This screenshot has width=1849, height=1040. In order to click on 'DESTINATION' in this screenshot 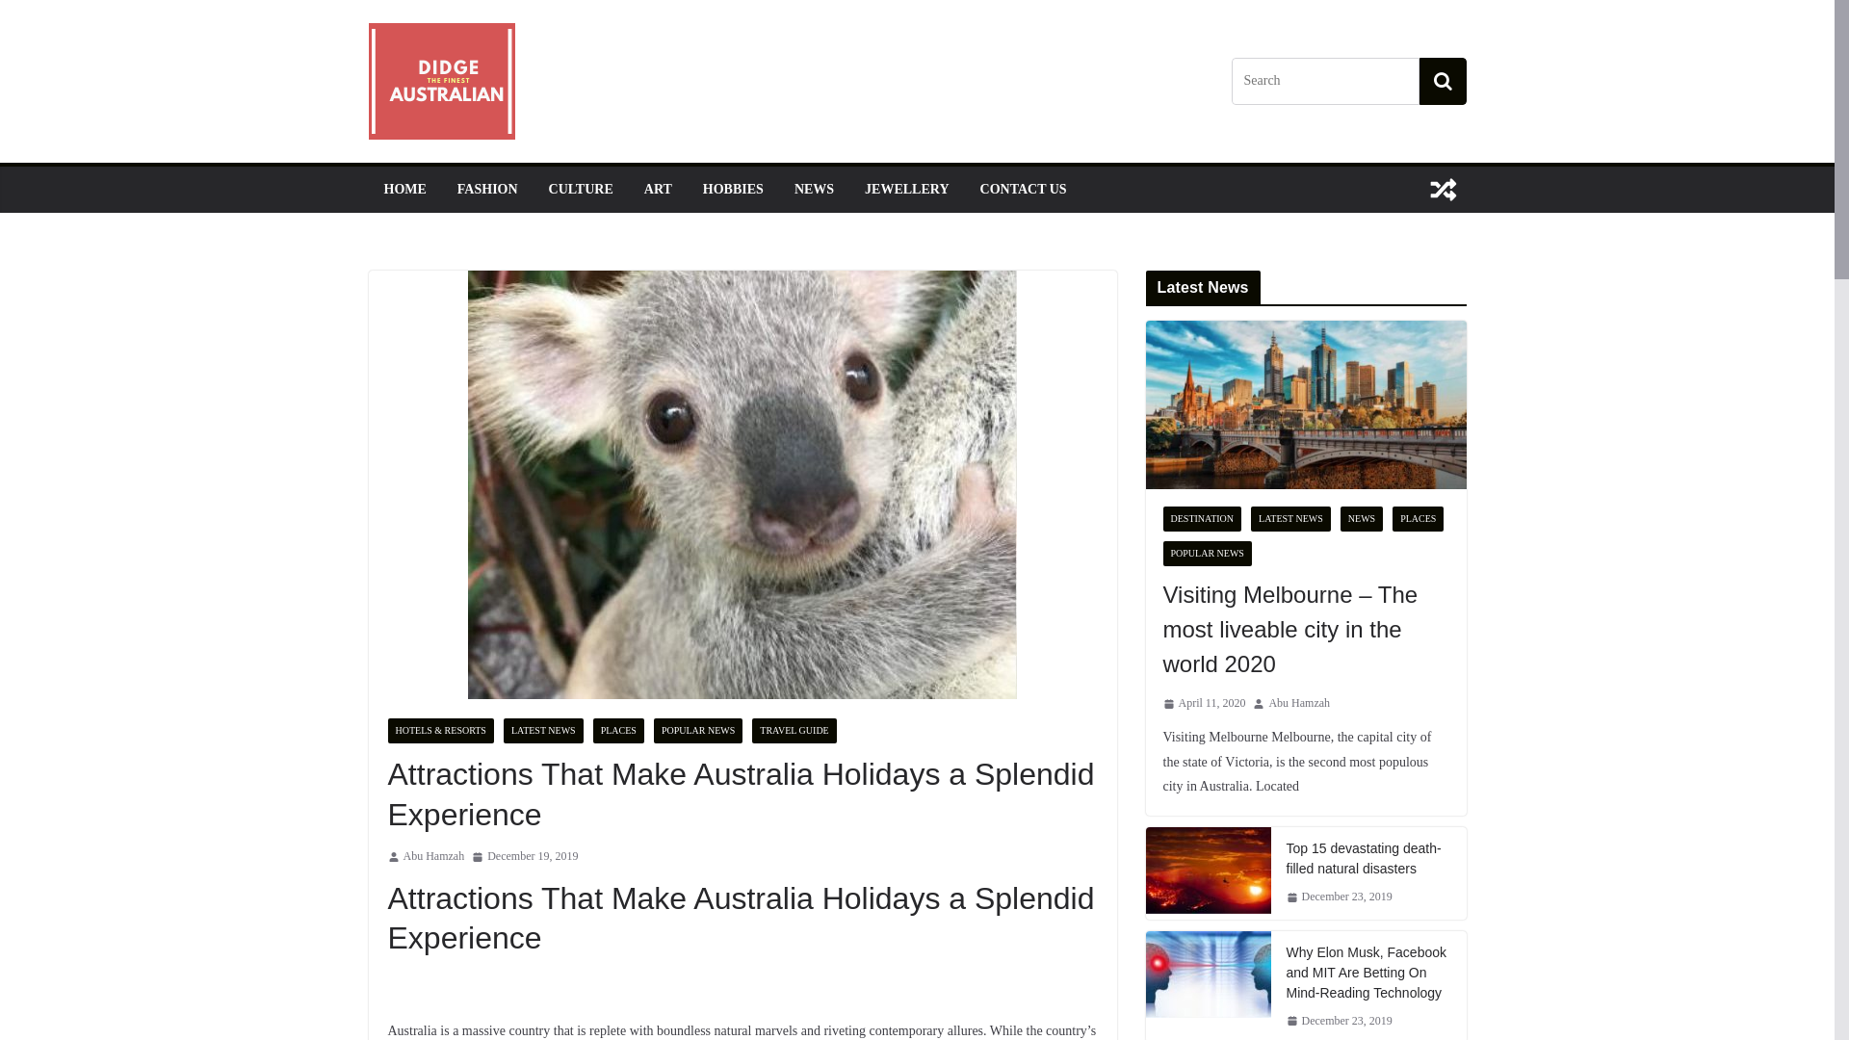, I will do `click(1201, 518)`.